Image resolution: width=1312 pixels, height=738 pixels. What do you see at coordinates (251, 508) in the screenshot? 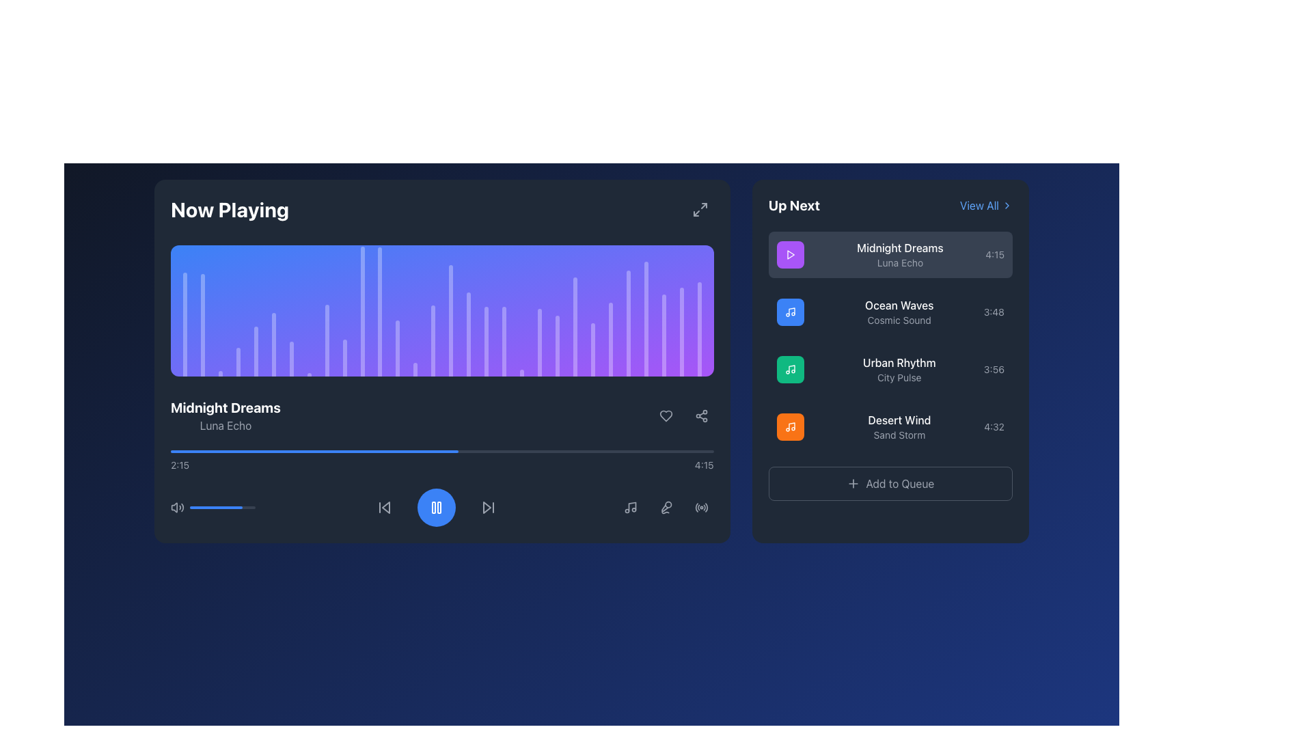
I see `the volume` at bounding box center [251, 508].